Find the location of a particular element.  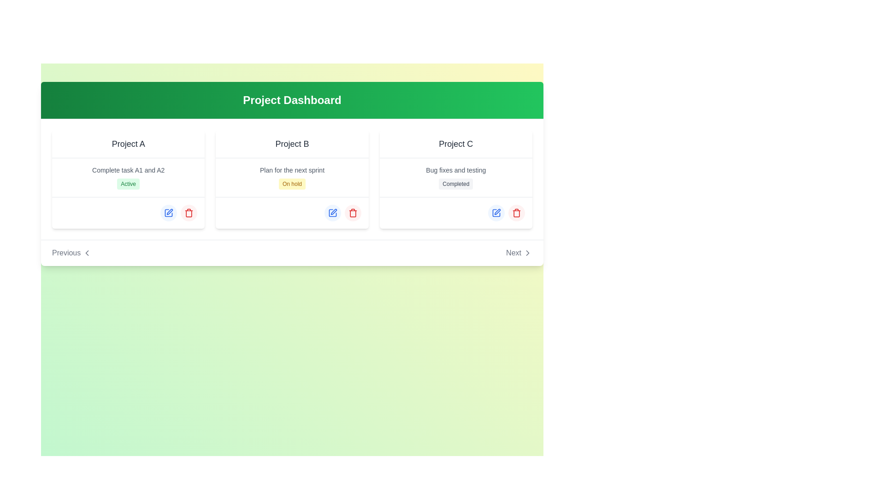

the informational text component indicating the status of 'On hold' for Project B, located in the middle section of the Project B card is located at coordinates (291, 177).